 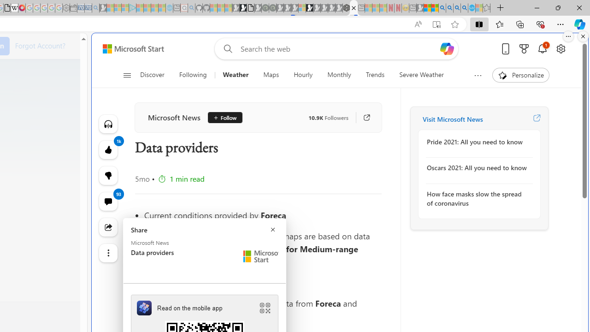 I want to click on 'Sign in to your account - Sleeping', so click(x=302, y=8).